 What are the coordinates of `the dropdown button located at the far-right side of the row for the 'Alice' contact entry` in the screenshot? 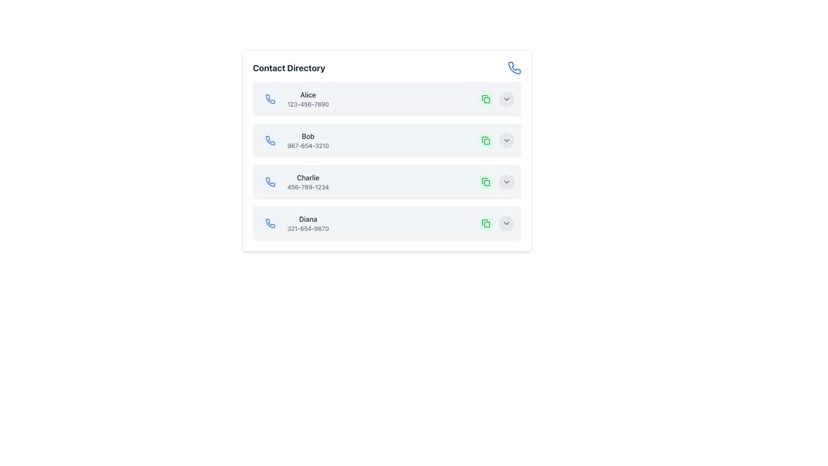 It's located at (506, 99).